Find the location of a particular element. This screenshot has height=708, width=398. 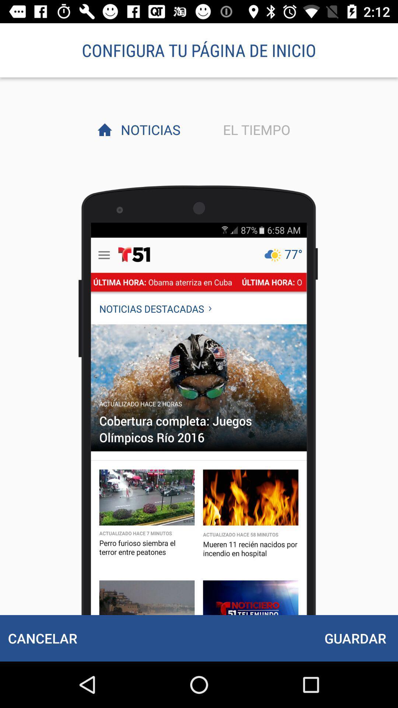

the icon to the right of the noticias item is located at coordinates (254, 129).